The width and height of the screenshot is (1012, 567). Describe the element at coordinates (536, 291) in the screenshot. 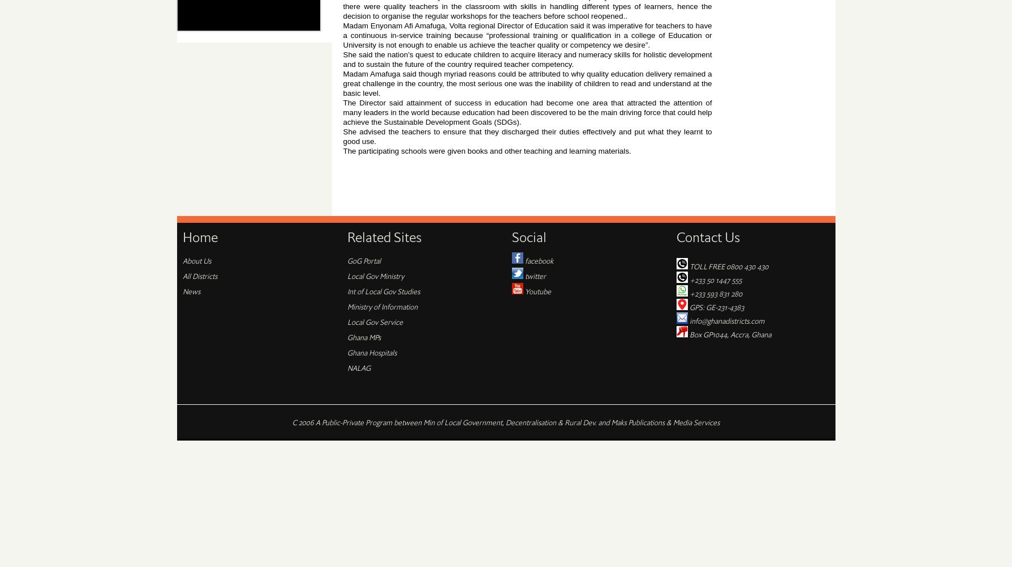

I see `'Youtube'` at that location.